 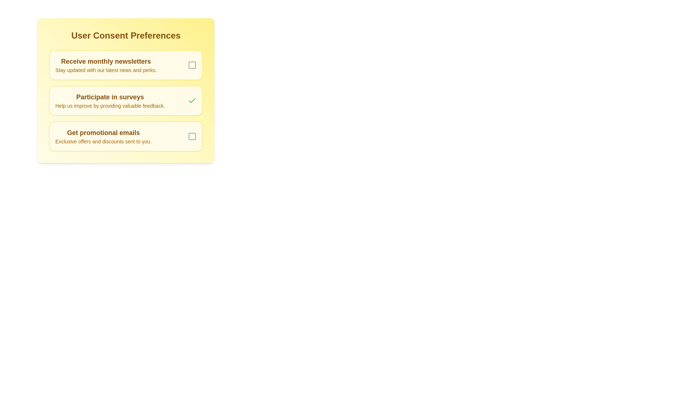 I want to click on the second option in the 'User Consent Preferences' box labeled 'Participate in surveys', so click(x=126, y=90).